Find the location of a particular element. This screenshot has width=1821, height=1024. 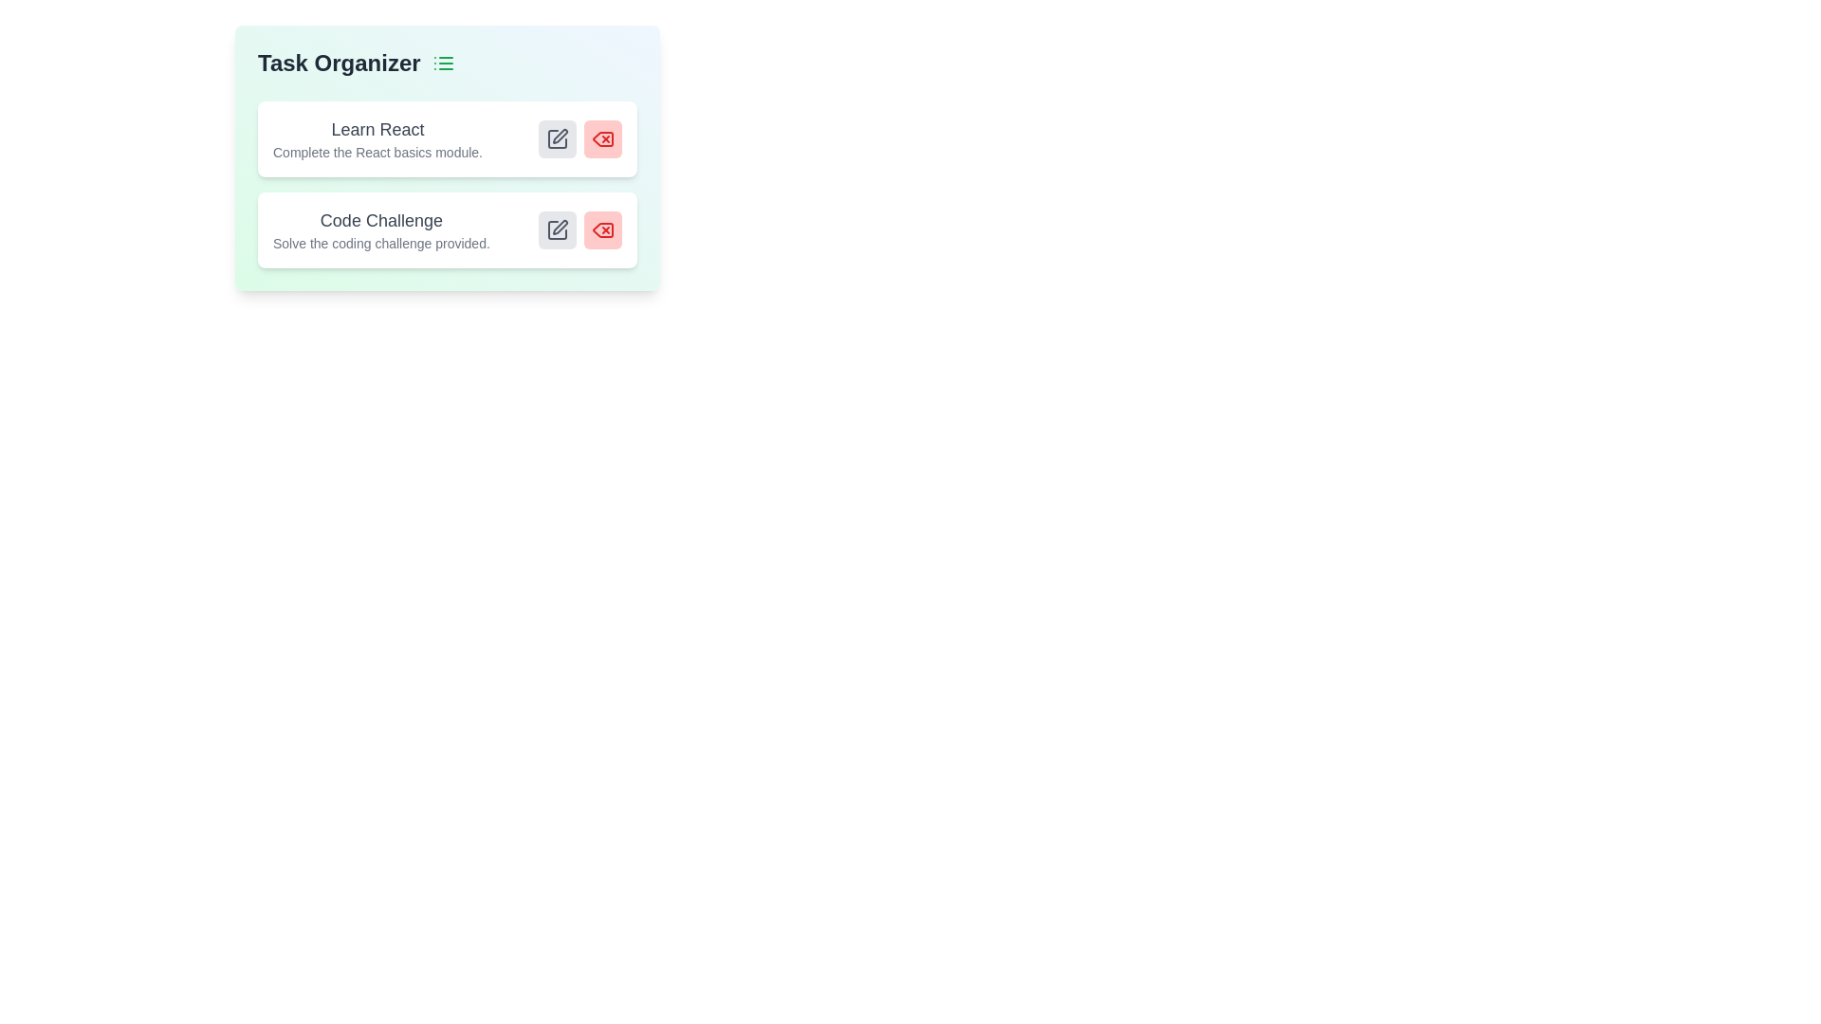

edit button for the task titled 'Learn React' is located at coordinates (557, 137).